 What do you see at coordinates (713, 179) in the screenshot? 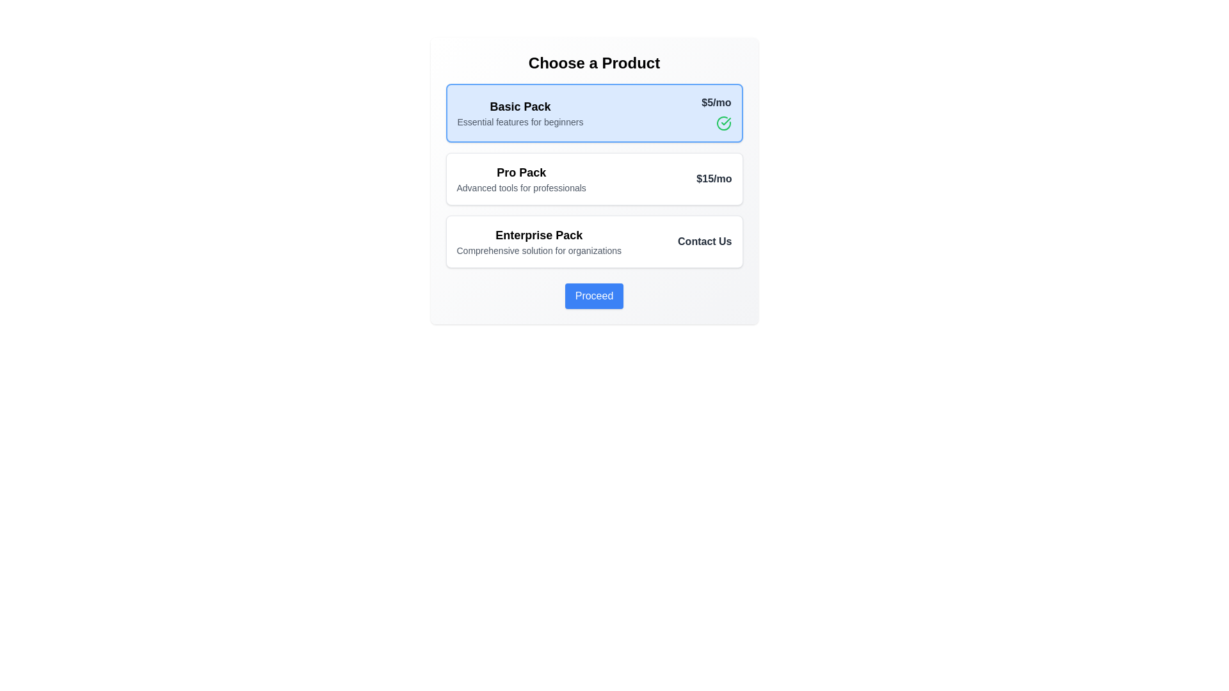
I see `pricing information provided by the label for the 'Pro Pack' option, located at the top-right corner of the corresponding product card` at bounding box center [713, 179].